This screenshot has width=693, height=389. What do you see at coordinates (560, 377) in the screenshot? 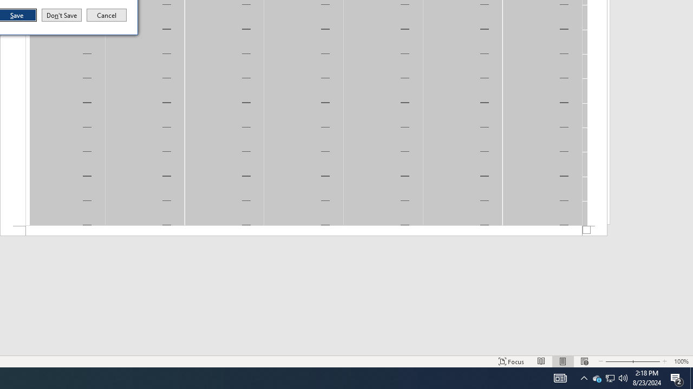
I see `'AutomationID: 4105'` at bounding box center [560, 377].